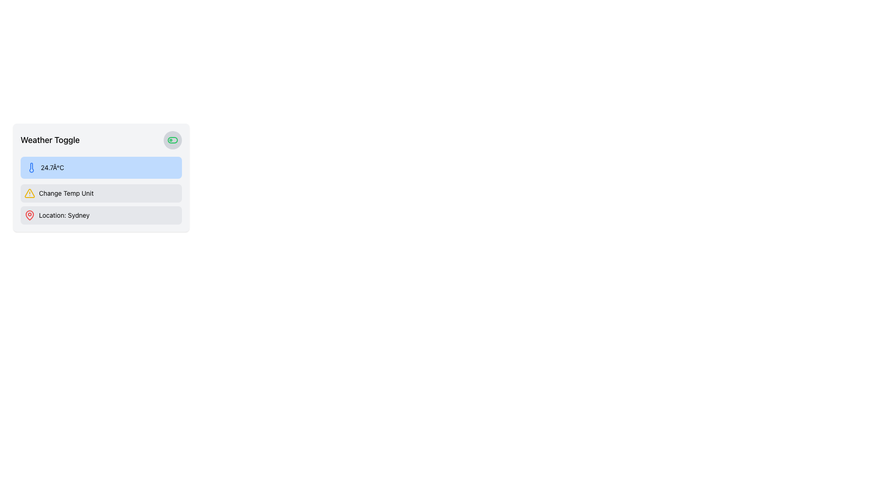 Image resolution: width=880 pixels, height=495 pixels. I want to click on the informational display box that shows the temperature reading, located below the 'Weather Toggle' title and above the 'Change Temp Unit' section, so click(101, 168).